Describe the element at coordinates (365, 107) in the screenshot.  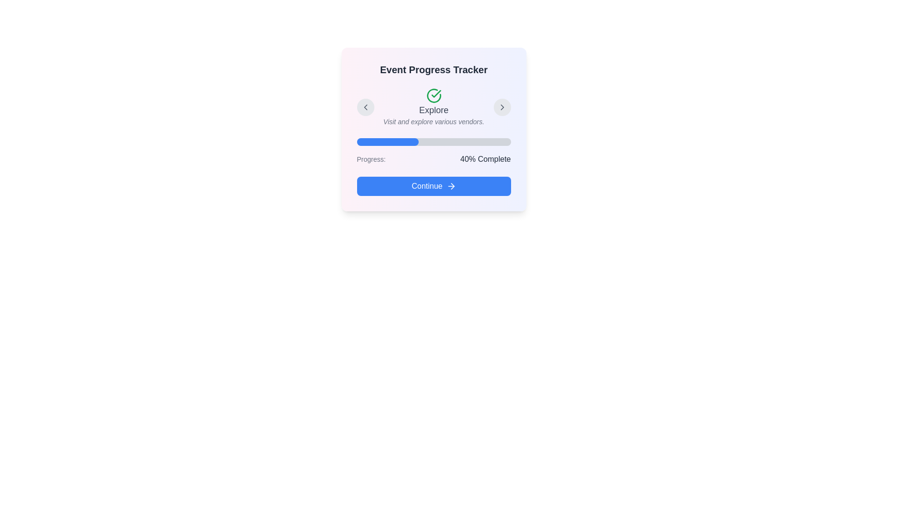
I see `the navigation button located in the top-left section of the main interactive card to observe interaction feedback` at that location.